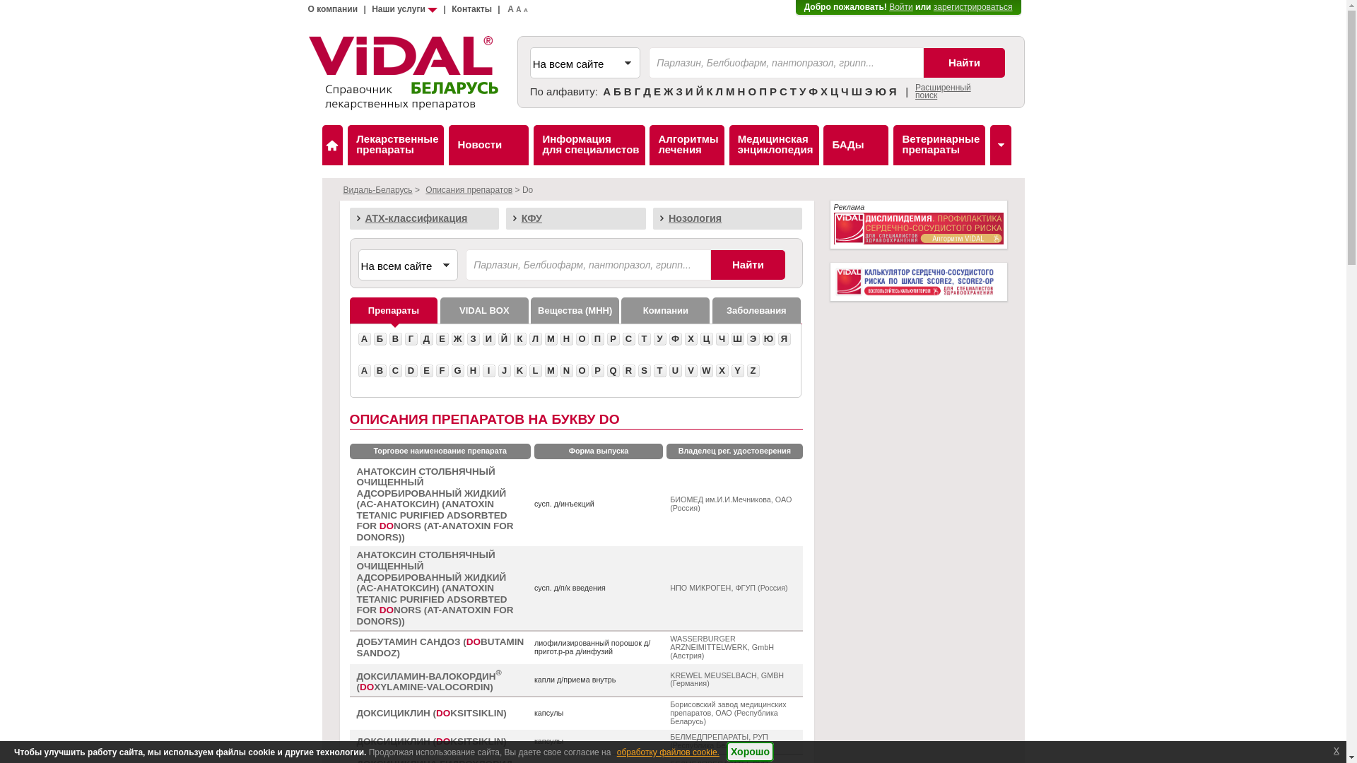 This screenshot has height=763, width=1357. Describe the element at coordinates (597, 369) in the screenshot. I see `'P'` at that location.